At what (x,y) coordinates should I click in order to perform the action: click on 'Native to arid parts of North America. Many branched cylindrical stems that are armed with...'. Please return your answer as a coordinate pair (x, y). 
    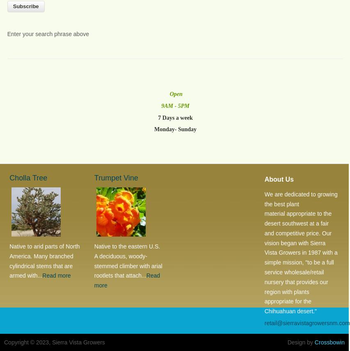
    Looking at the image, I should click on (44, 260).